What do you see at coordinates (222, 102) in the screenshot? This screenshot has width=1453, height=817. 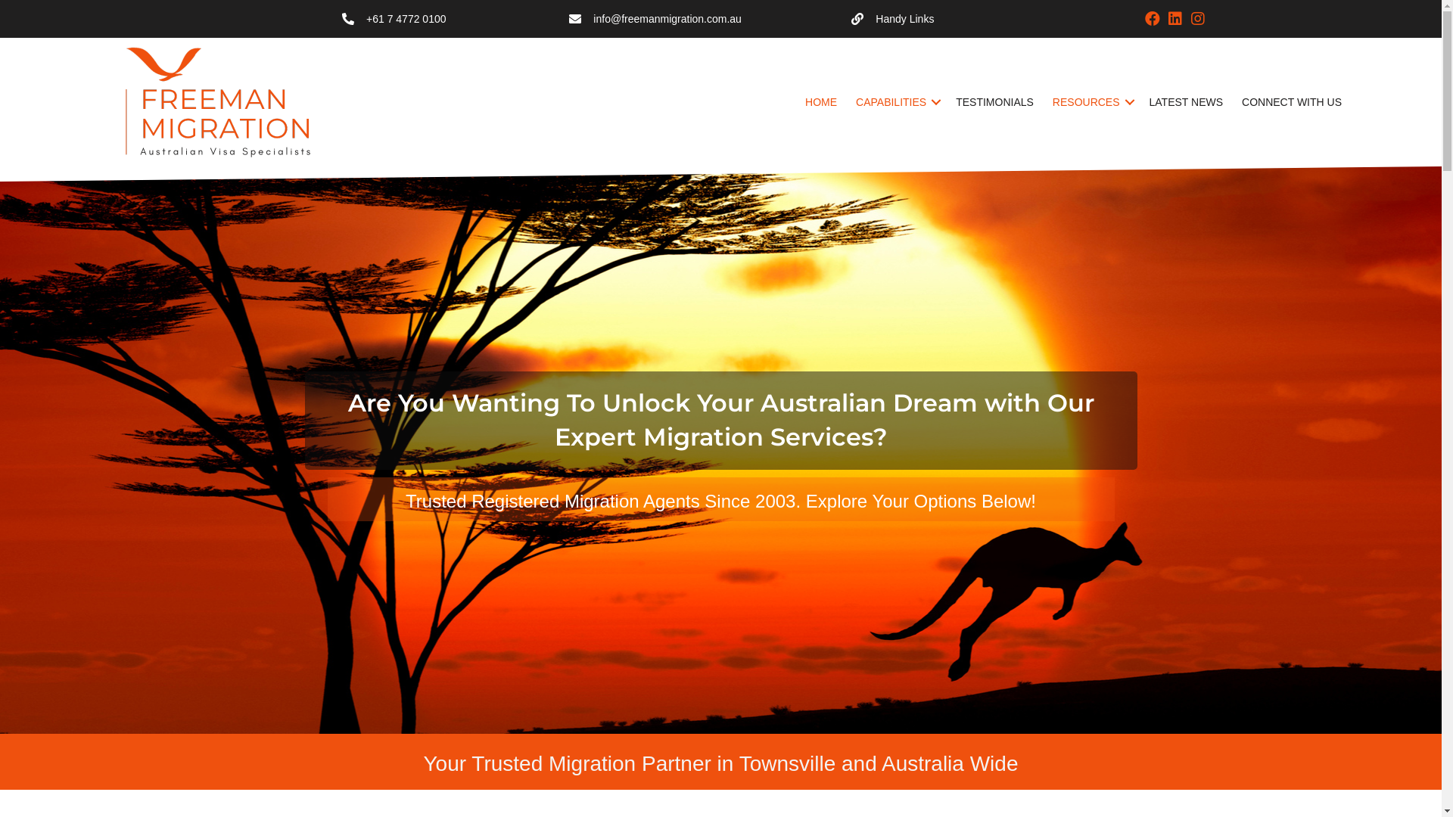 I see `'Freeman Migration logo'` at bounding box center [222, 102].